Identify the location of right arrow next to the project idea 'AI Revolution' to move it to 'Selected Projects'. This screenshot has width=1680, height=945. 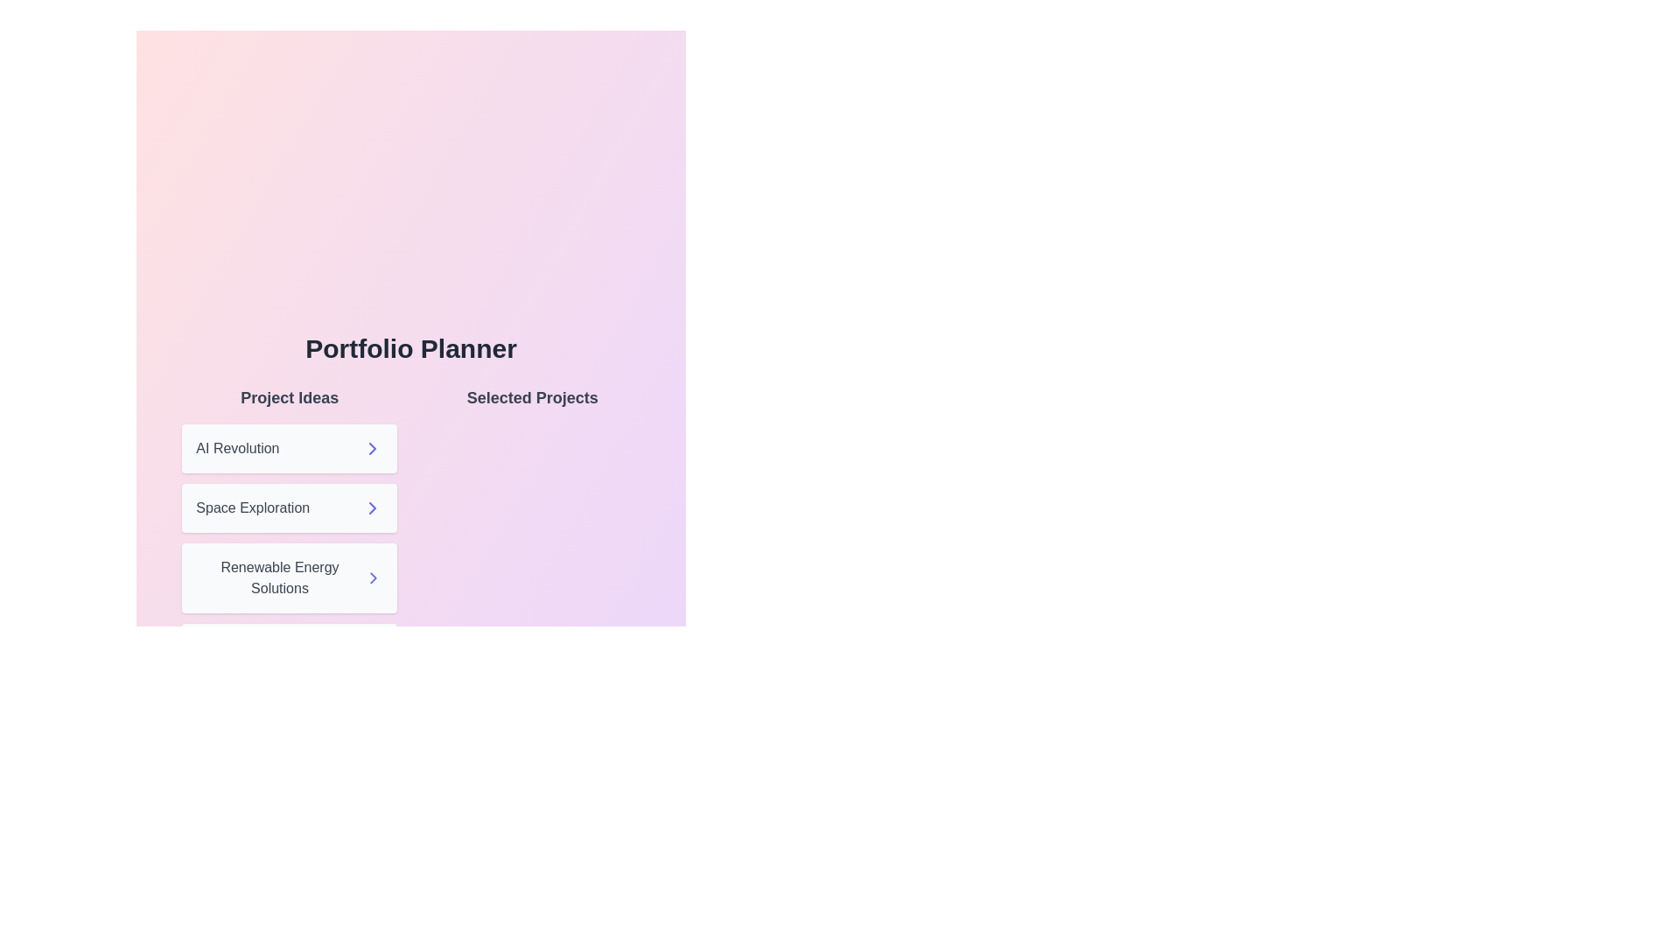
(372, 448).